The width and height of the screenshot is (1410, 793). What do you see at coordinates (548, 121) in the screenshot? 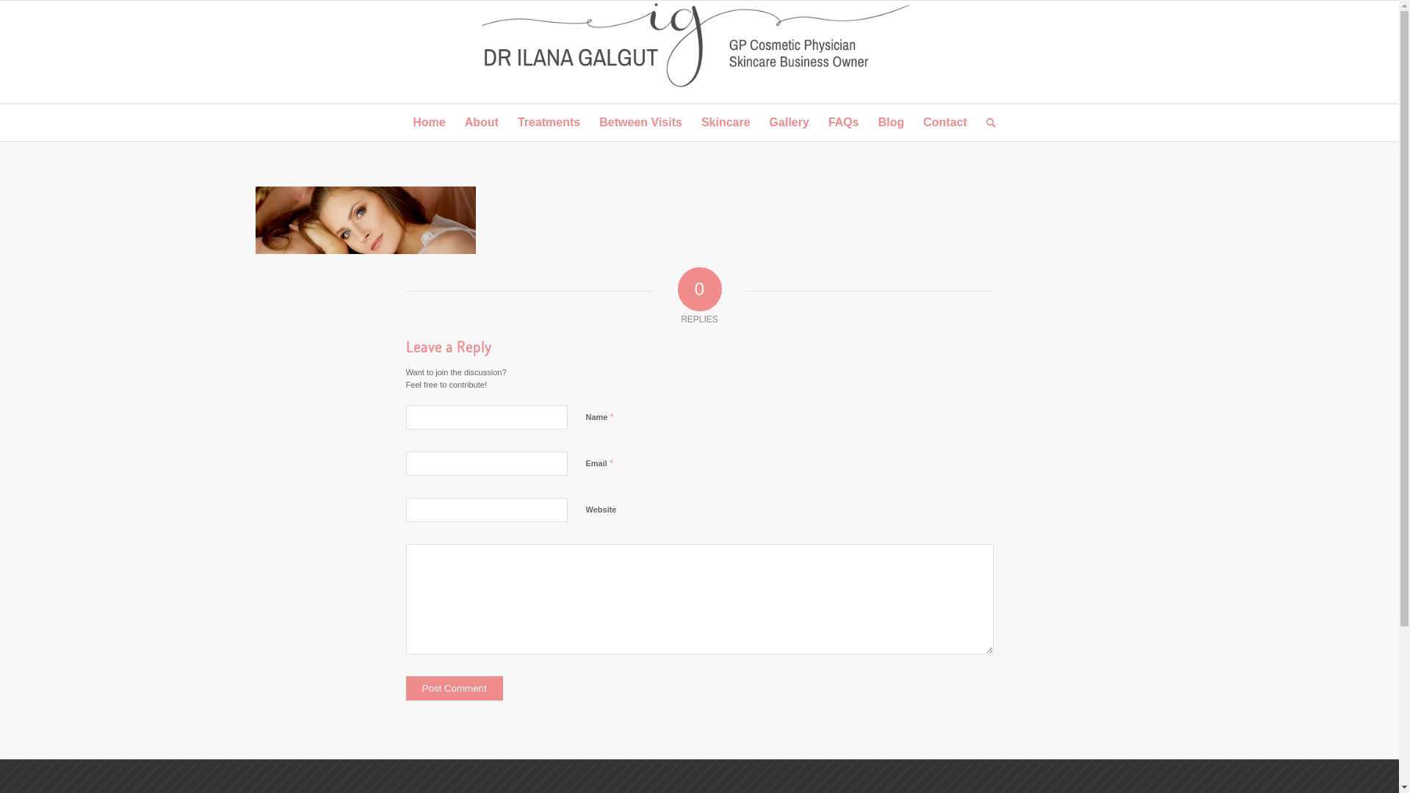
I see `'Treatments'` at bounding box center [548, 121].